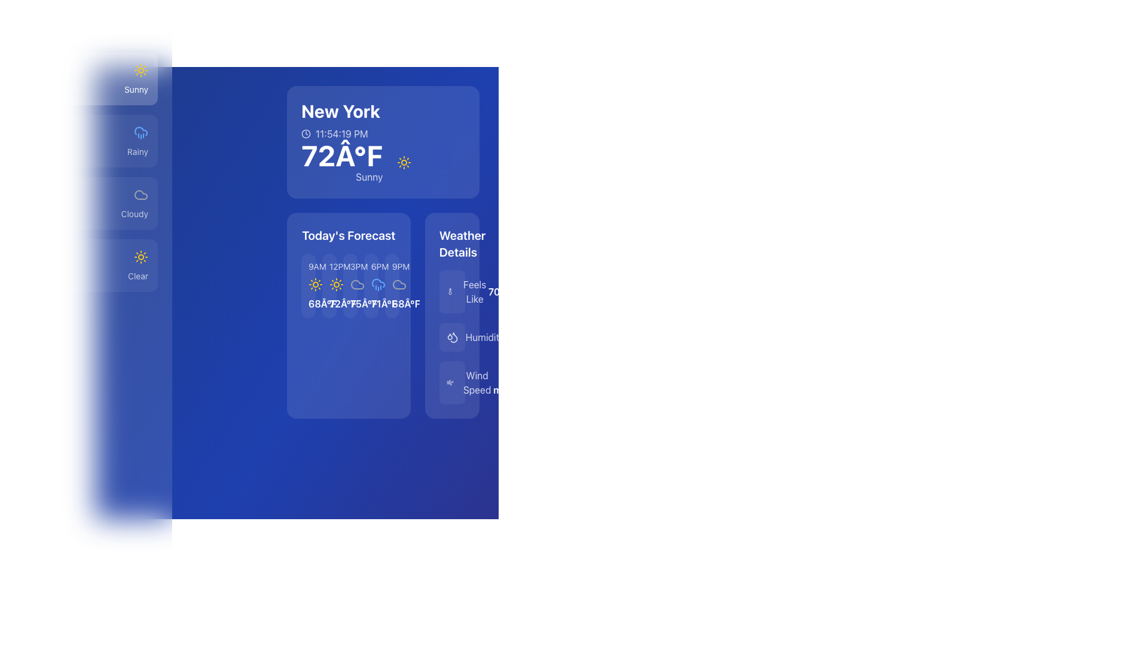  What do you see at coordinates (86, 276) in the screenshot?
I see `text content of the label displaying '82°F' and 'Clear', which is the last entry in a vertically oriented list of weather conditions` at bounding box center [86, 276].